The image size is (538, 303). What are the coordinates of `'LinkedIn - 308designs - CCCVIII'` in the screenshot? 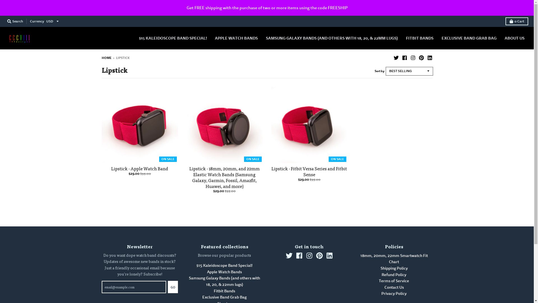 It's located at (330, 255).